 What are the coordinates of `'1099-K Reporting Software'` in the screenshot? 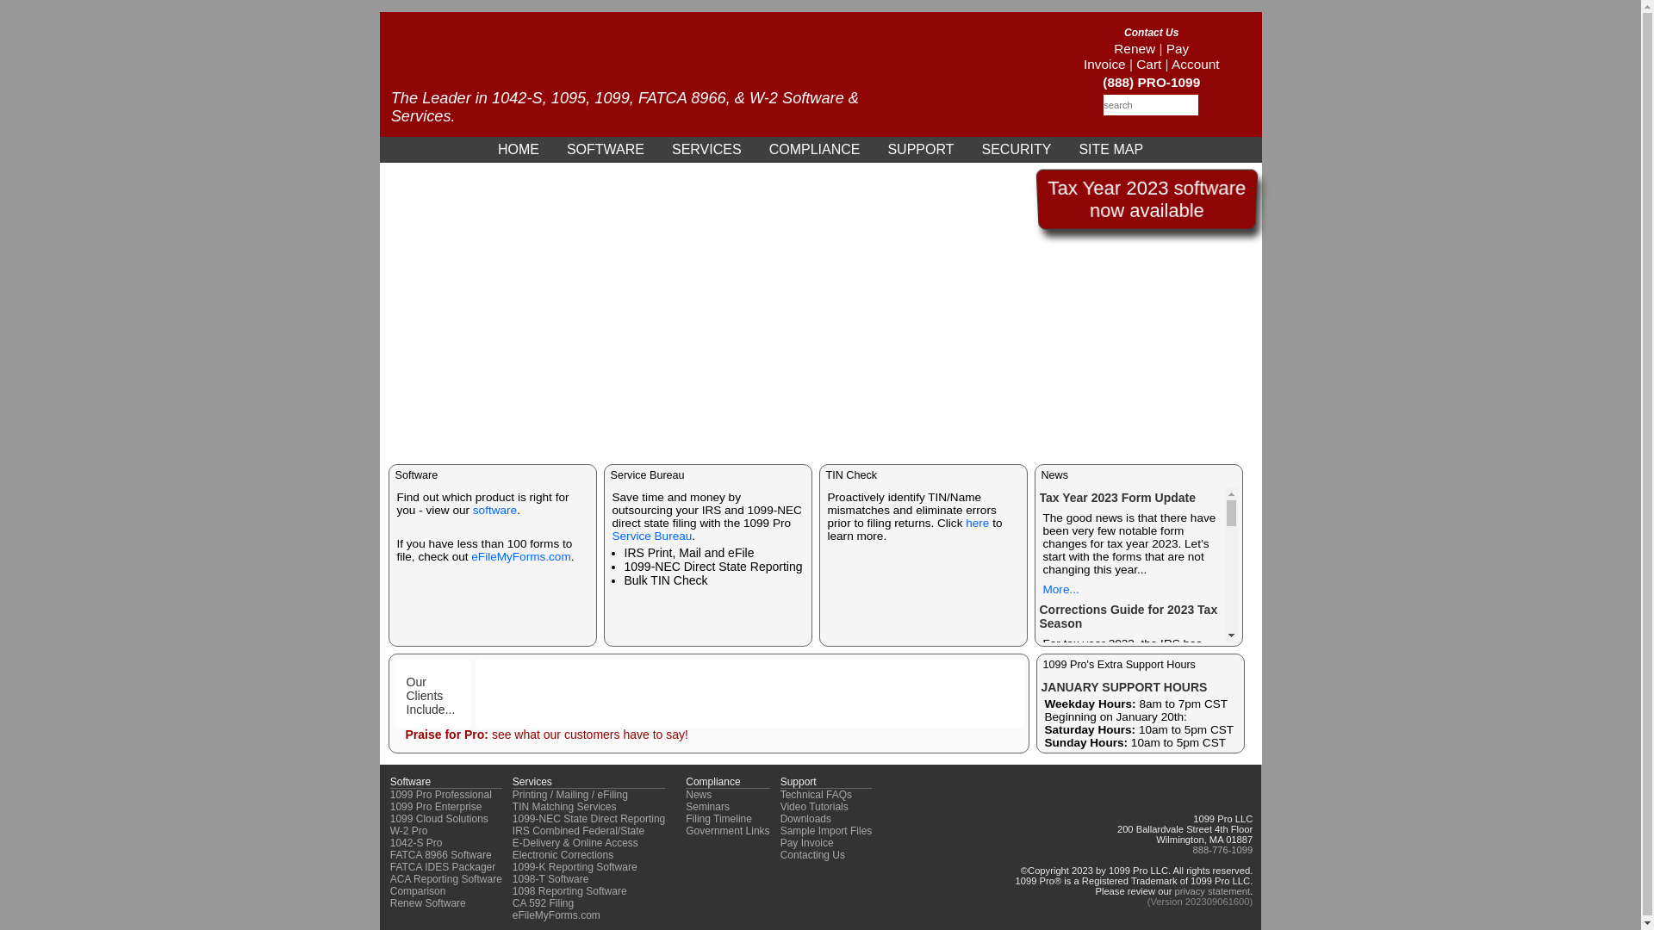 It's located at (512, 866).